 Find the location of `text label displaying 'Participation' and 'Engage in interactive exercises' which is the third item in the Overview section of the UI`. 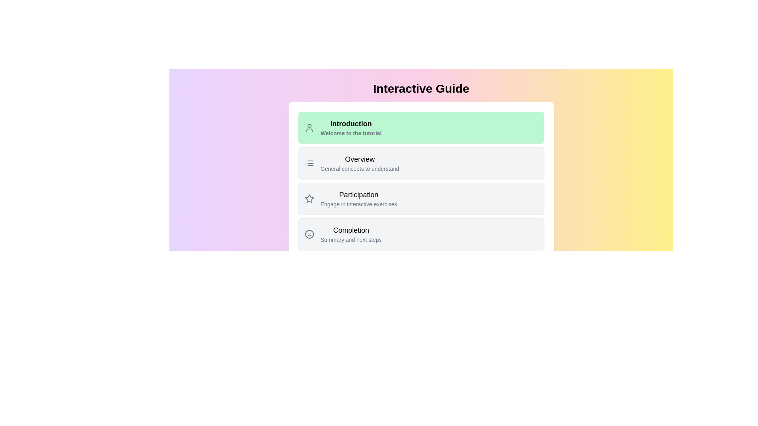

text label displaying 'Participation' and 'Engage in interactive exercises' which is the third item in the Overview section of the UI is located at coordinates (358, 198).